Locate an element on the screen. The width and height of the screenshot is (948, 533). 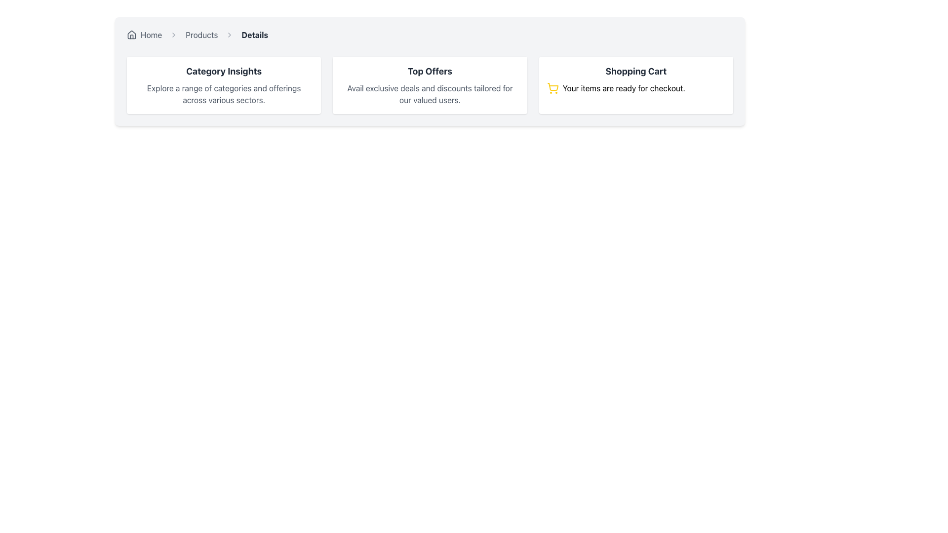
the 'Products' interactive text link in the navigation bar to change its text color is located at coordinates (201, 34).